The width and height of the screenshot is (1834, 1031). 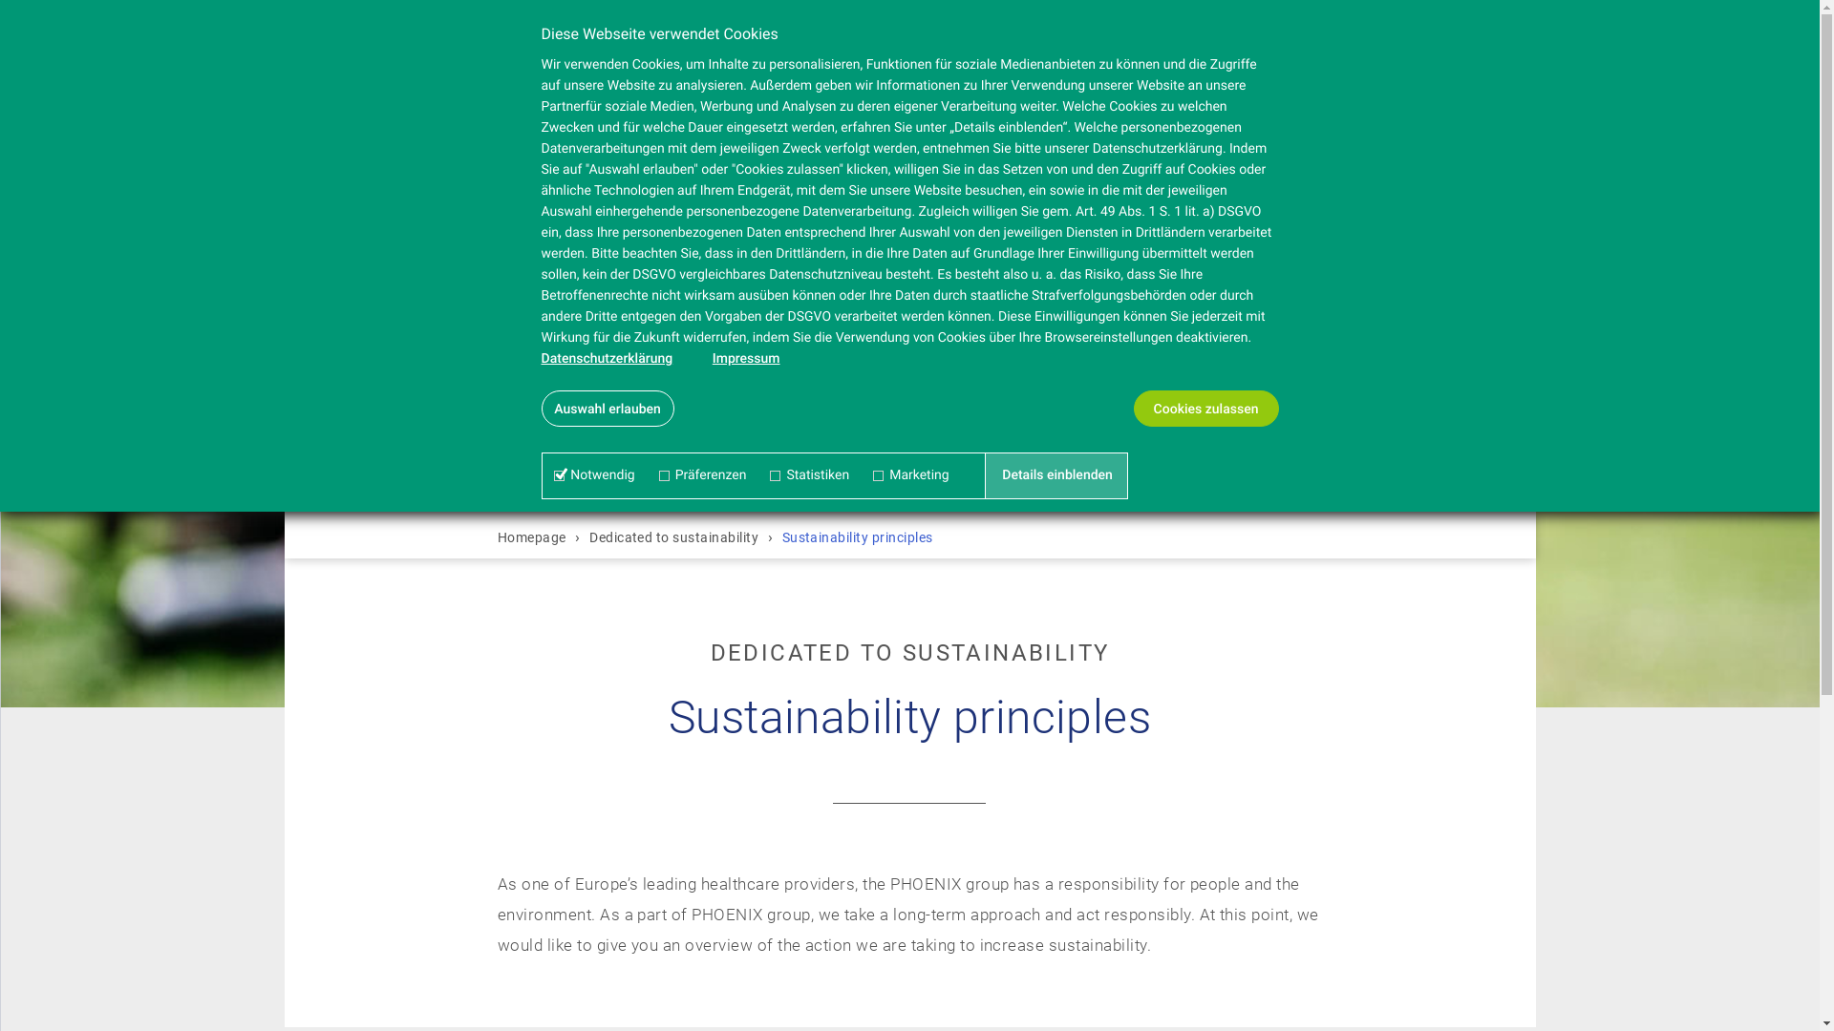 I want to click on 'BA', so click(x=375, y=48).